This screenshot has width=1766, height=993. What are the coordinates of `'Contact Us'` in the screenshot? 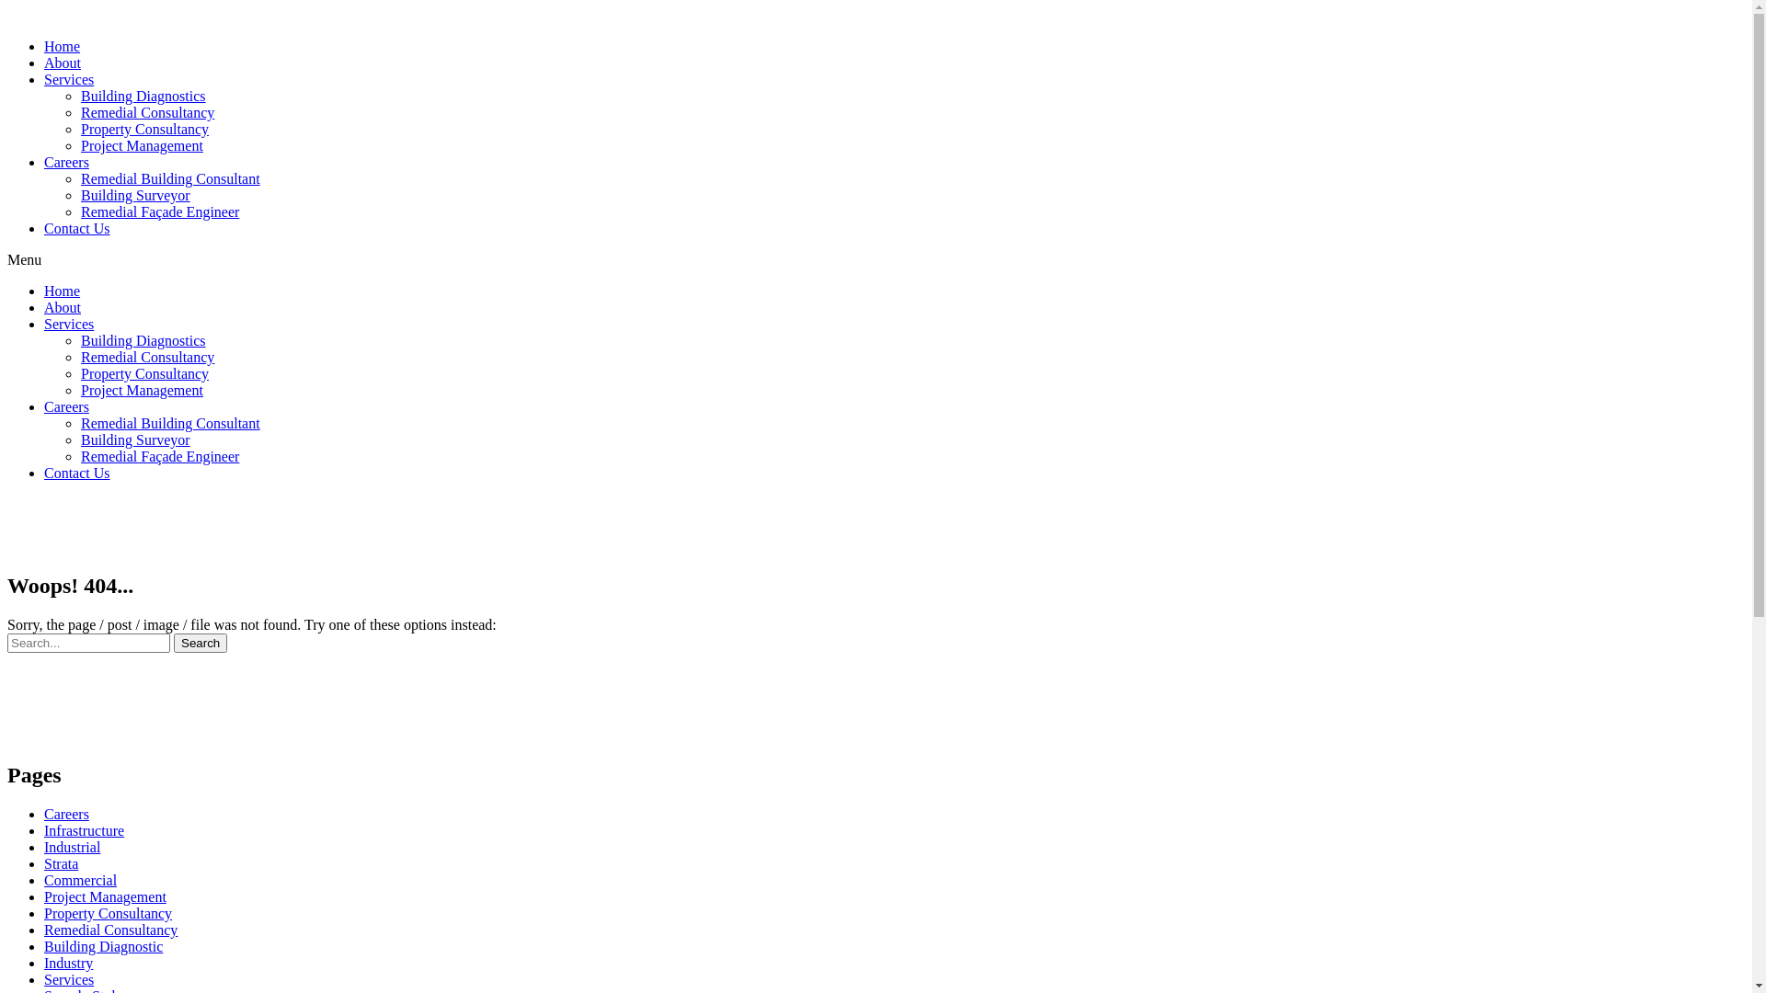 It's located at (75, 472).